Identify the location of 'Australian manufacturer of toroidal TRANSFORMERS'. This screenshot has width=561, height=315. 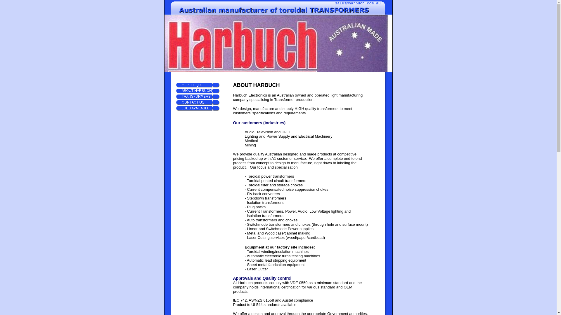
(278, 10).